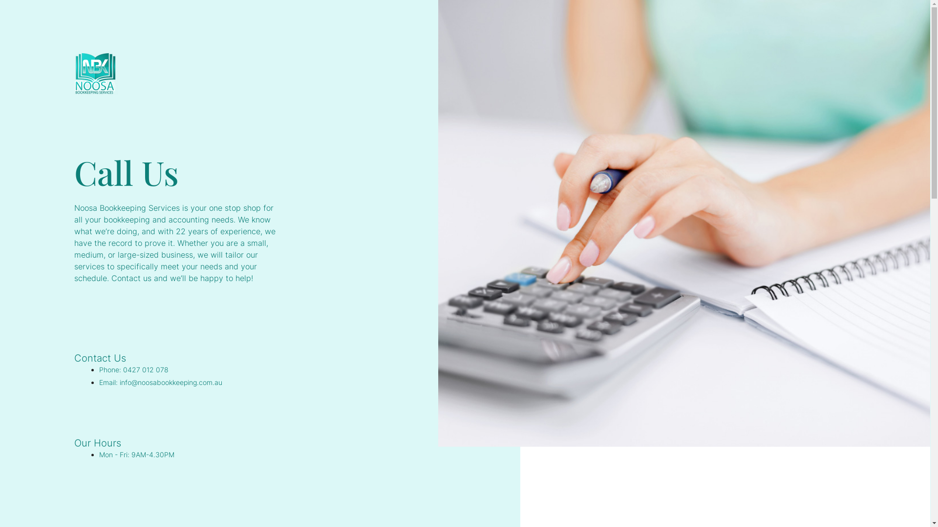 The width and height of the screenshot is (938, 527). Describe the element at coordinates (99, 382) in the screenshot. I see `'Email: info@noosabookkeeping.com.au'` at that location.